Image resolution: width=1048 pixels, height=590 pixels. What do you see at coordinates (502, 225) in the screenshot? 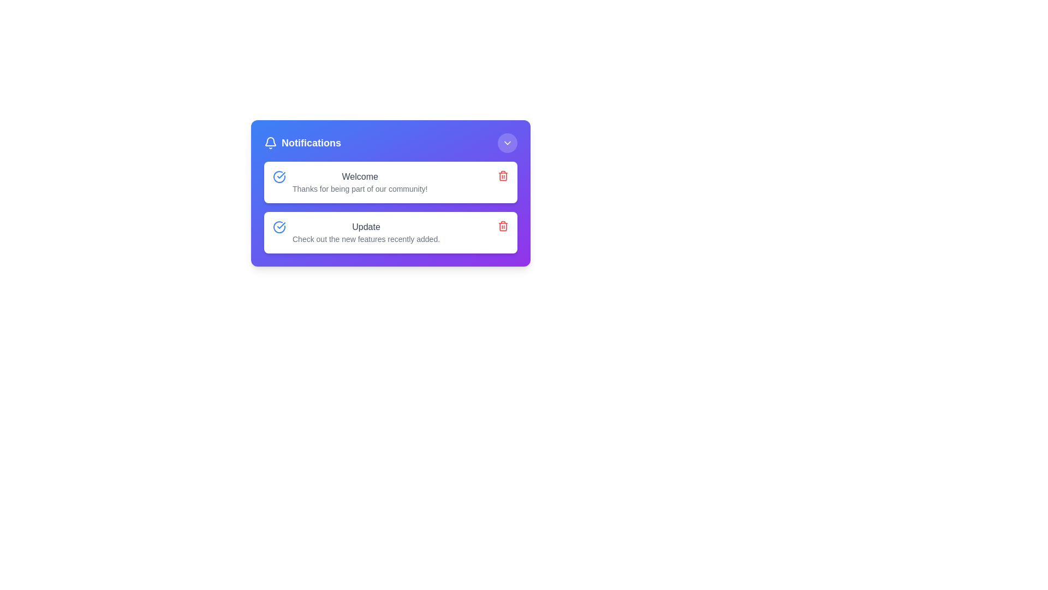
I see `the delete icon button located in the top-right corner of the second notification card` at bounding box center [502, 225].